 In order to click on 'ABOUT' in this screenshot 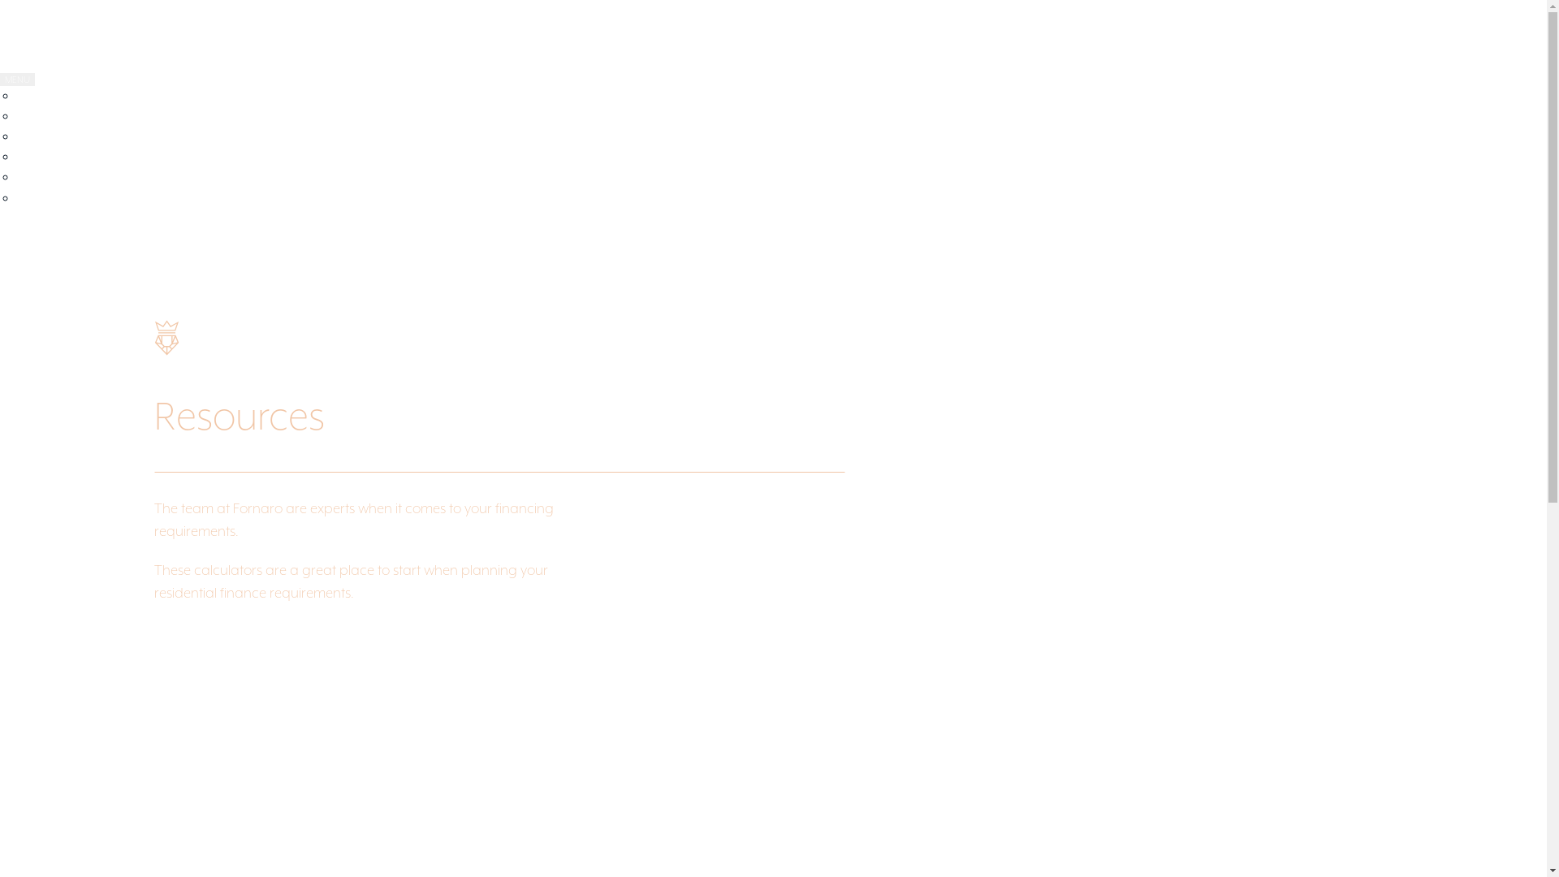, I will do `click(28, 96)`.